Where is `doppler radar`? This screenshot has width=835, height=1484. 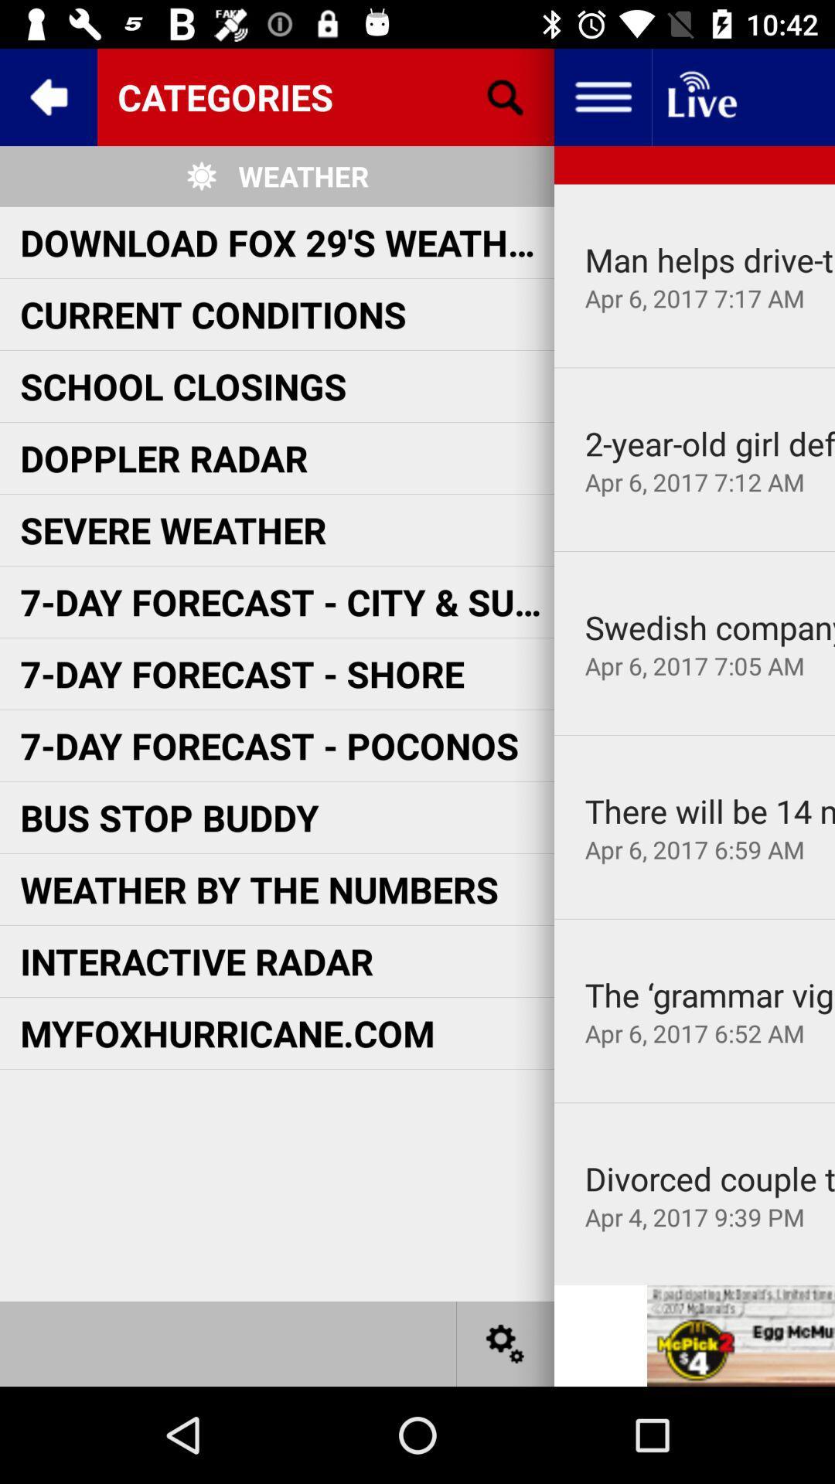 doppler radar is located at coordinates (164, 457).